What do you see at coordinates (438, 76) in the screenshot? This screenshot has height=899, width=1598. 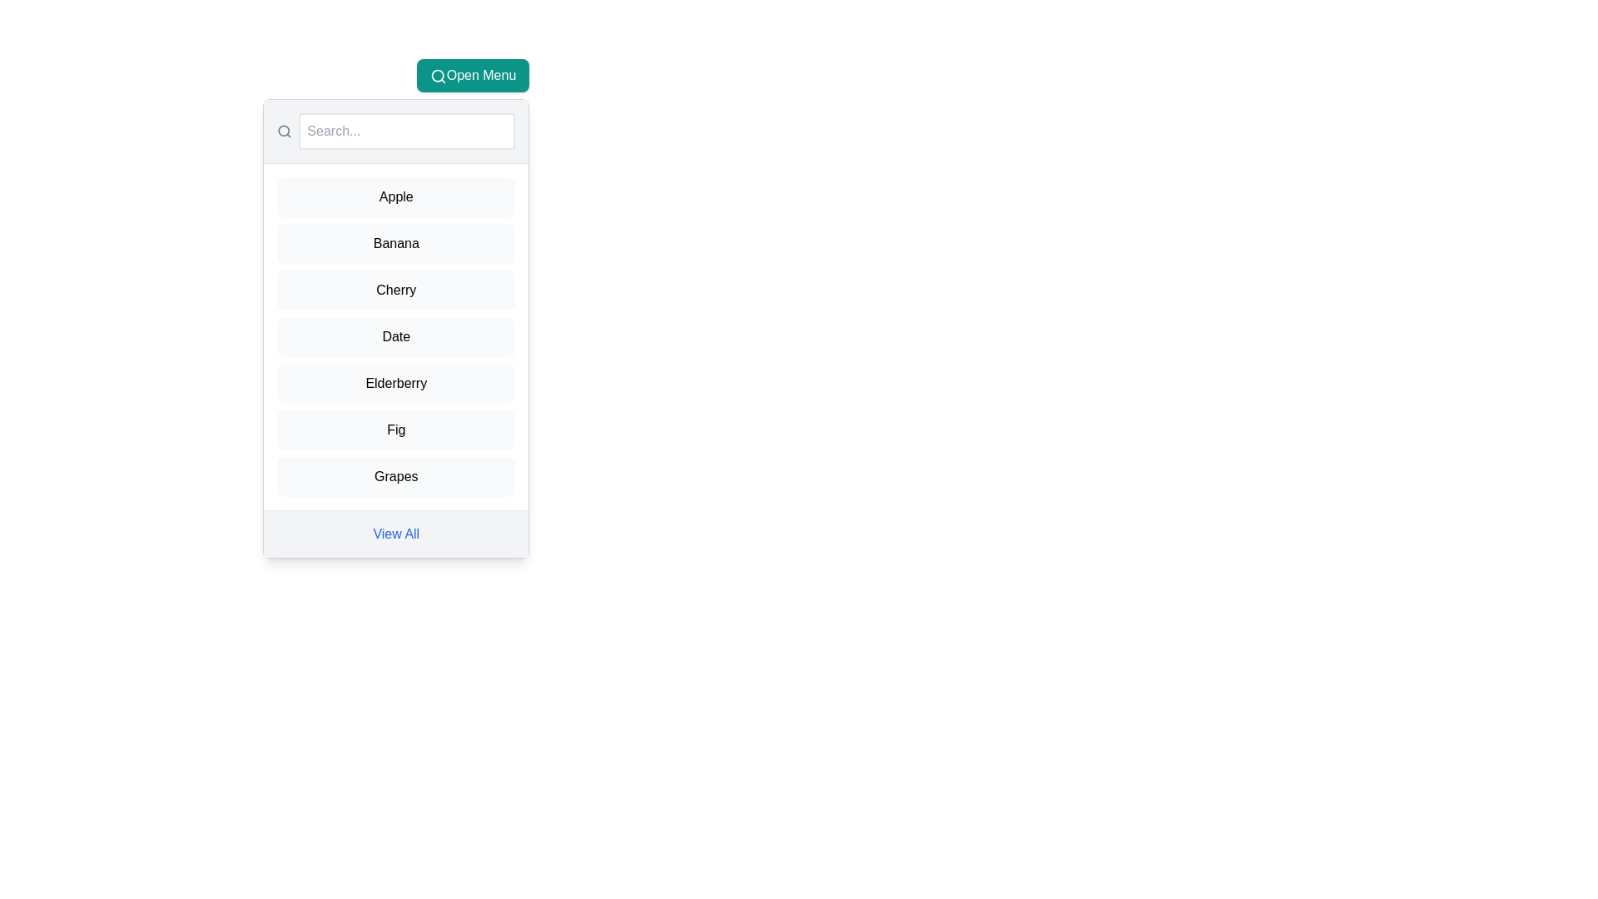 I see `the magnifying glass icon` at bounding box center [438, 76].